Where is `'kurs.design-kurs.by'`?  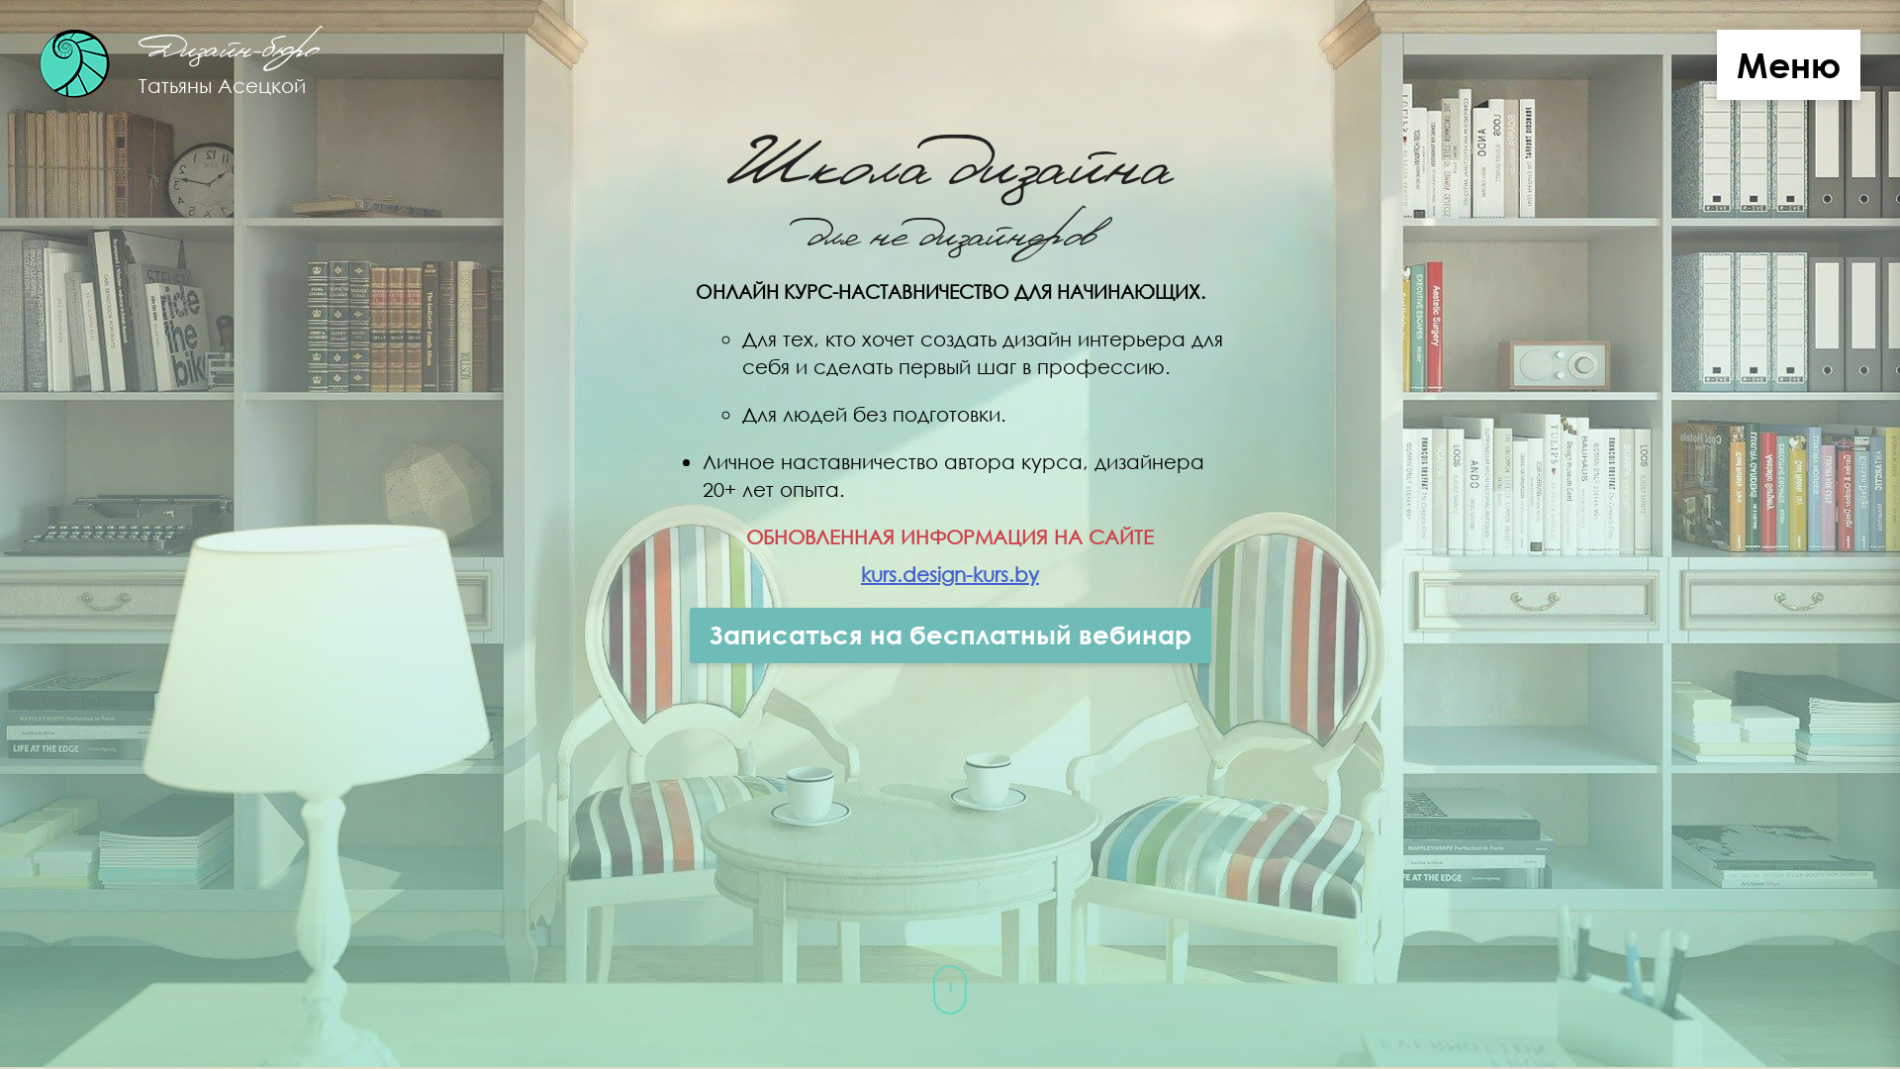
'kurs.design-kurs.by' is located at coordinates (950, 573).